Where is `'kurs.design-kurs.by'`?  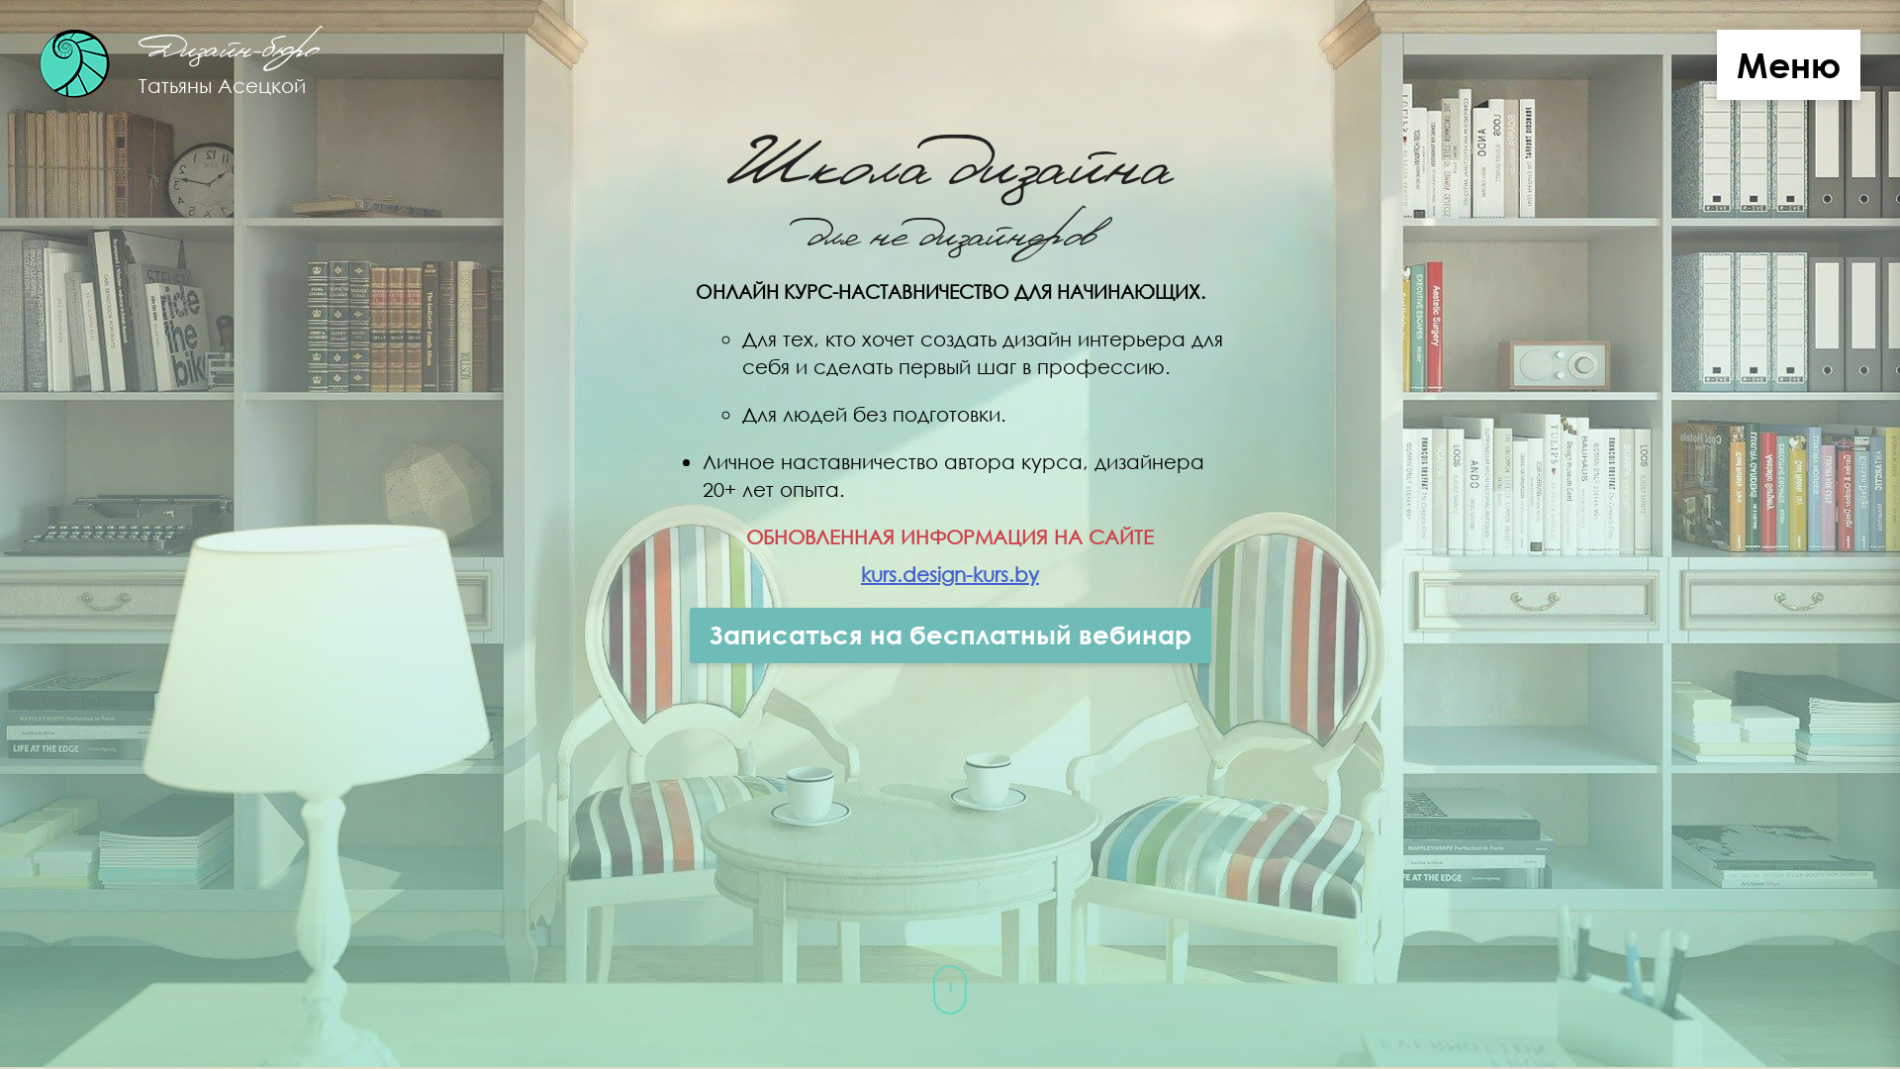
'kurs.design-kurs.by' is located at coordinates (950, 573).